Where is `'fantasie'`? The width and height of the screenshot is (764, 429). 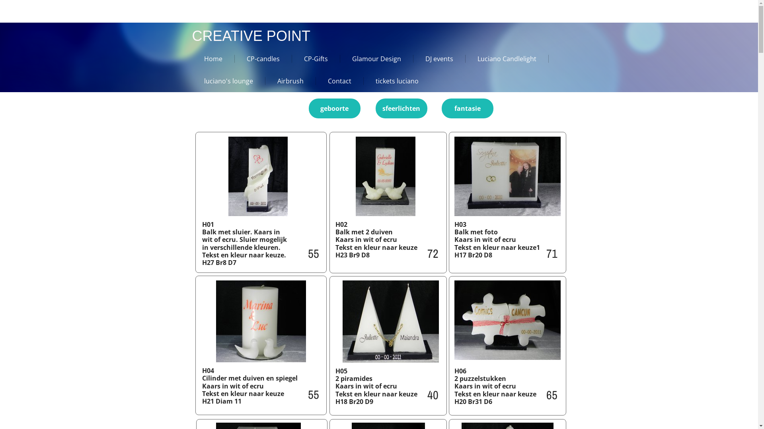
'fantasie' is located at coordinates (468, 108).